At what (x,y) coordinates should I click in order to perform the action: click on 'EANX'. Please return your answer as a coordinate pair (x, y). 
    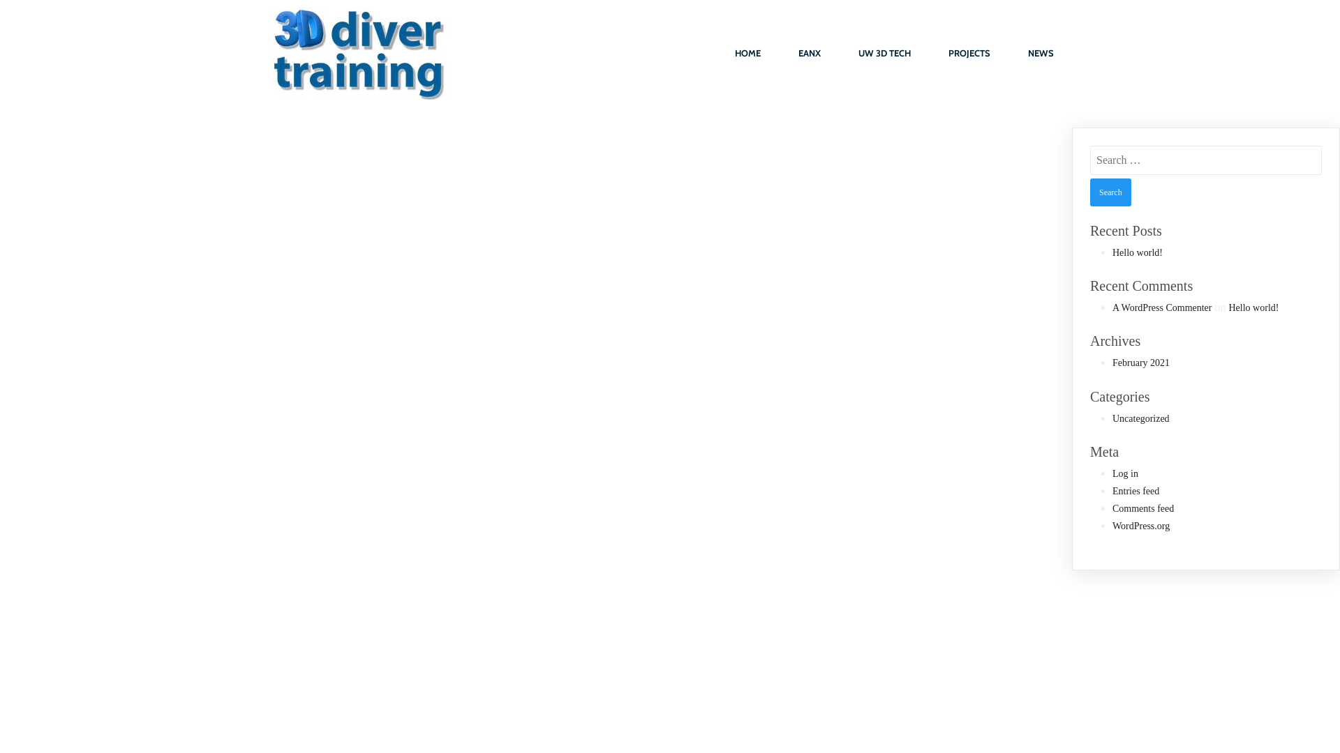
    Looking at the image, I should click on (780, 53).